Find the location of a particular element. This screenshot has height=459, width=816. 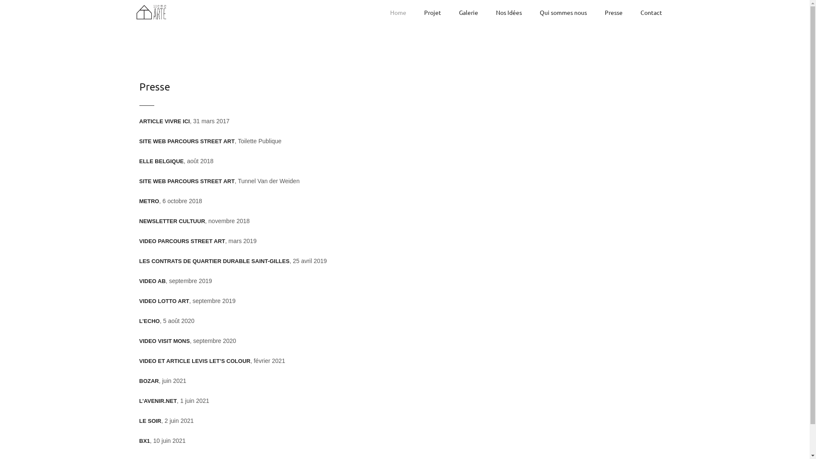

'ELLE BELGIQUE' is located at coordinates (139, 161).